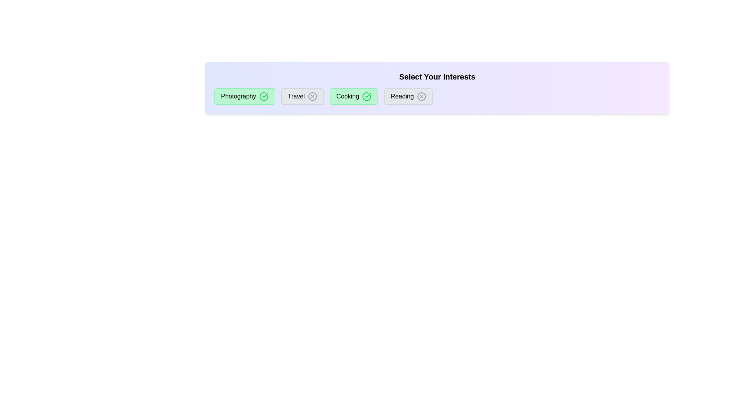 This screenshot has width=742, height=417. Describe the element at coordinates (408, 96) in the screenshot. I see `the chip labeled Reading` at that location.